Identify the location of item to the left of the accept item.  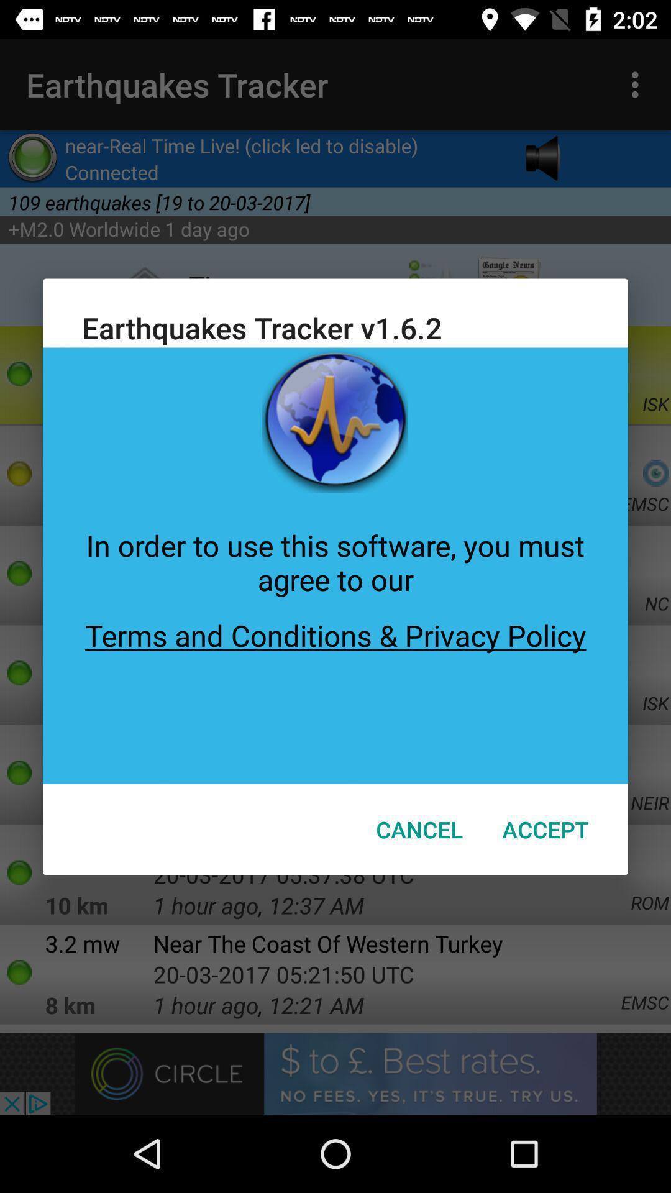
(419, 829).